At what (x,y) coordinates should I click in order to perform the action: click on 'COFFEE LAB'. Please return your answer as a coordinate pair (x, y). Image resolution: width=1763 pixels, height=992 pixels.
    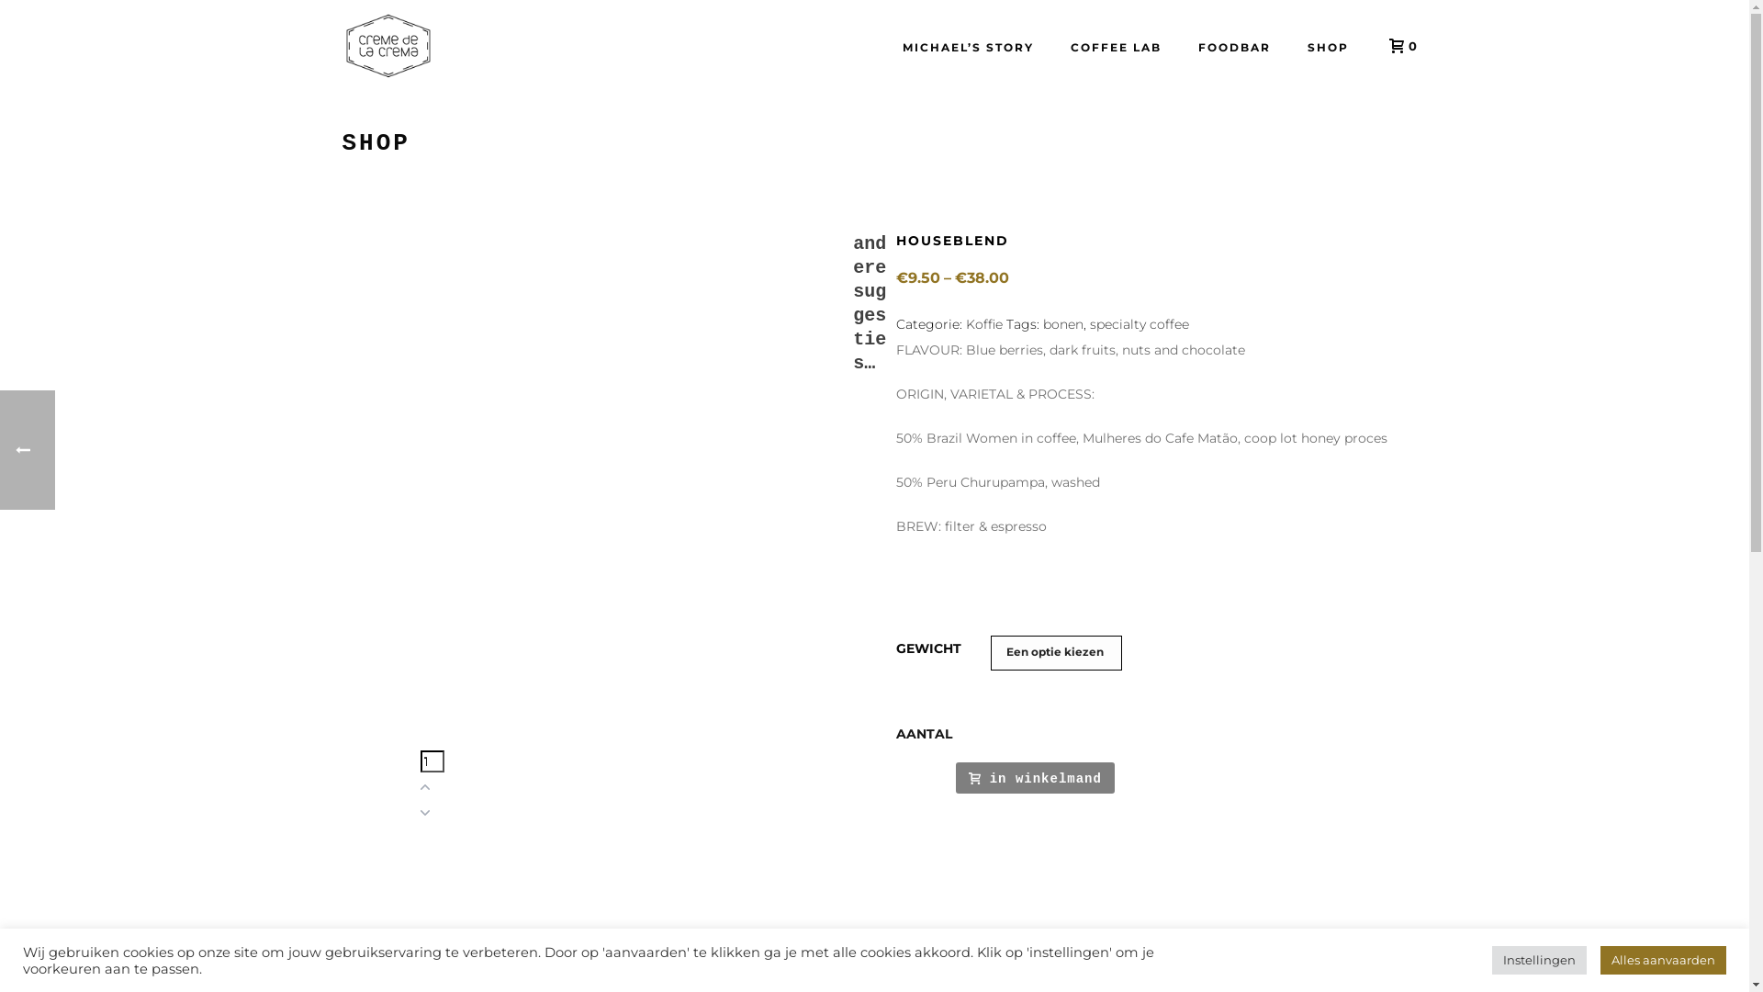
    Looking at the image, I should click on (1052, 45).